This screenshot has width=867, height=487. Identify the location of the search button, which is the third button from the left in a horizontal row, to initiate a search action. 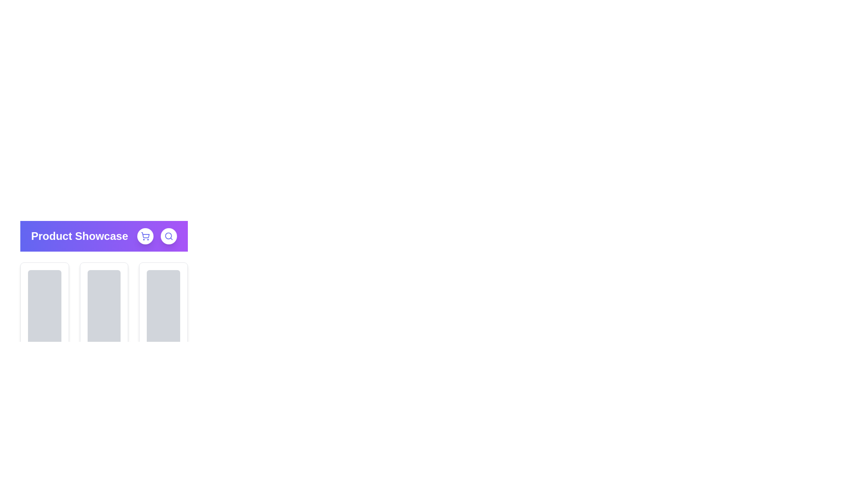
(169, 236).